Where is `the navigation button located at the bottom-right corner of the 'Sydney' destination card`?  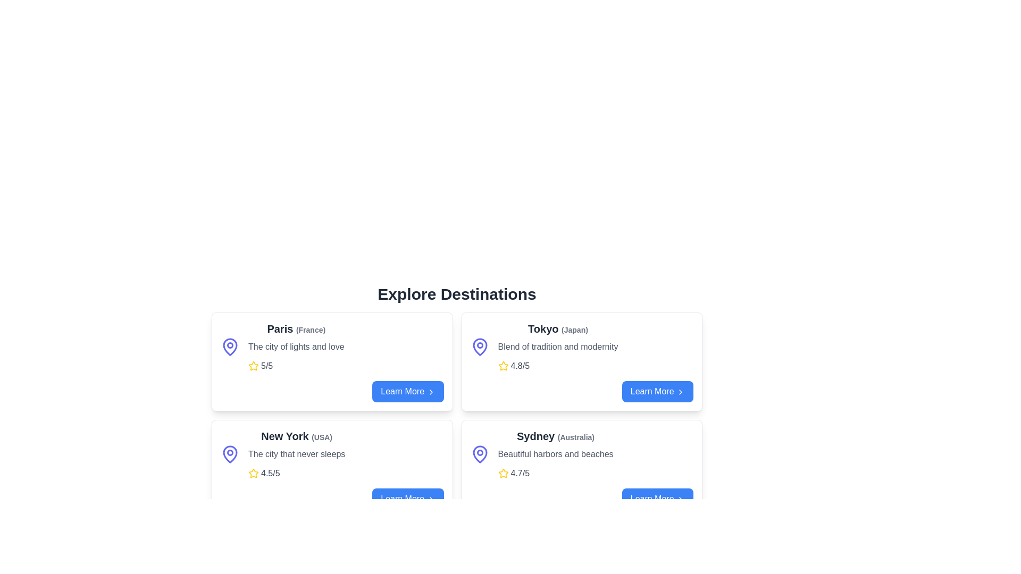
the navigation button located at the bottom-right corner of the 'Sydney' destination card is located at coordinates (657, 499).